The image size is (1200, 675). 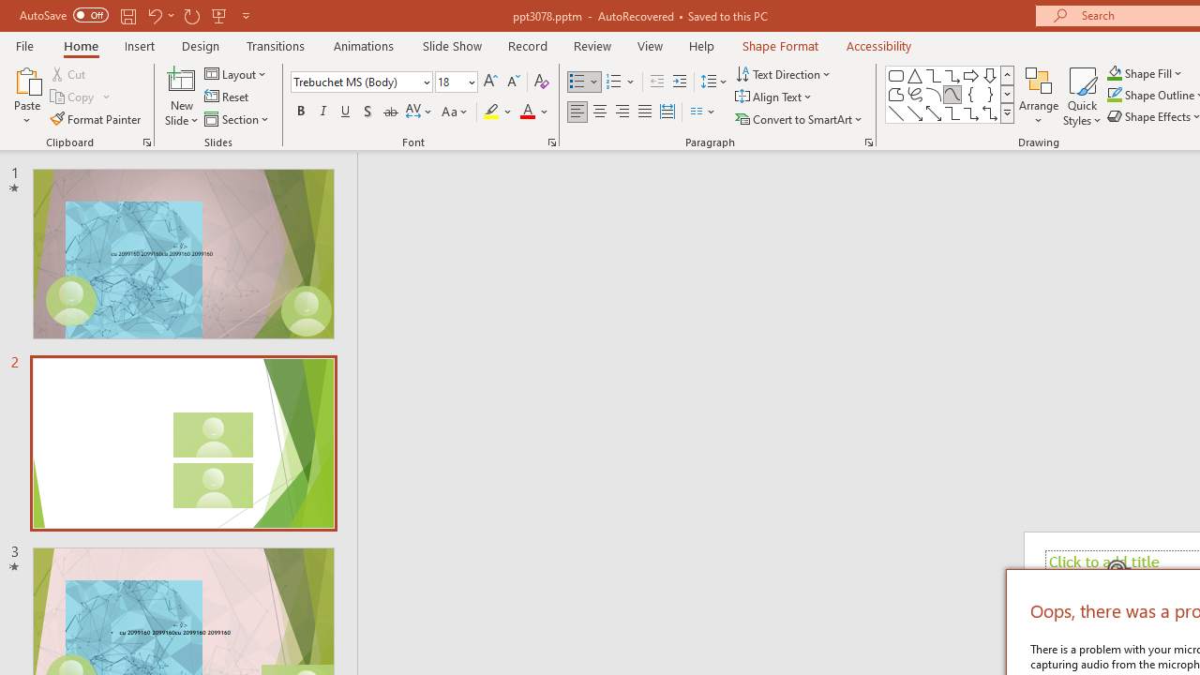 I want to click on 'Shape Outline Green, Accent 1', so click(x=1115, y=95).